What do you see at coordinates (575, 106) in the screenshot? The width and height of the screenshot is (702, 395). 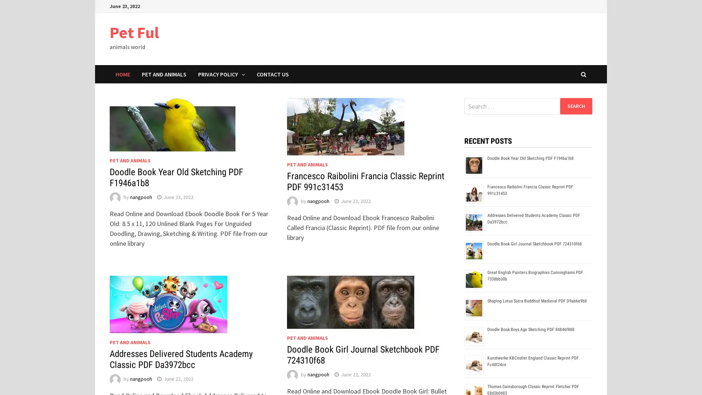 I see `Search` at bounding box center [575, 106].